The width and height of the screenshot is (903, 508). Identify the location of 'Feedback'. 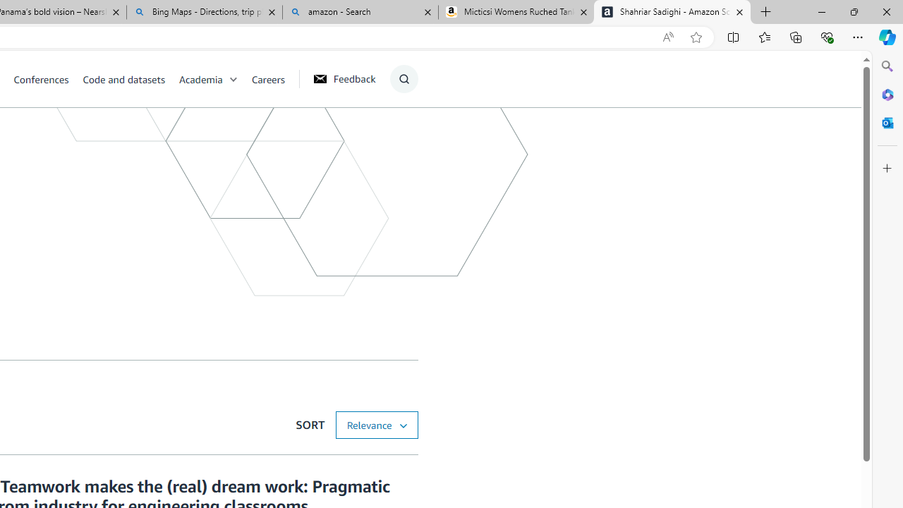
(344, 78).